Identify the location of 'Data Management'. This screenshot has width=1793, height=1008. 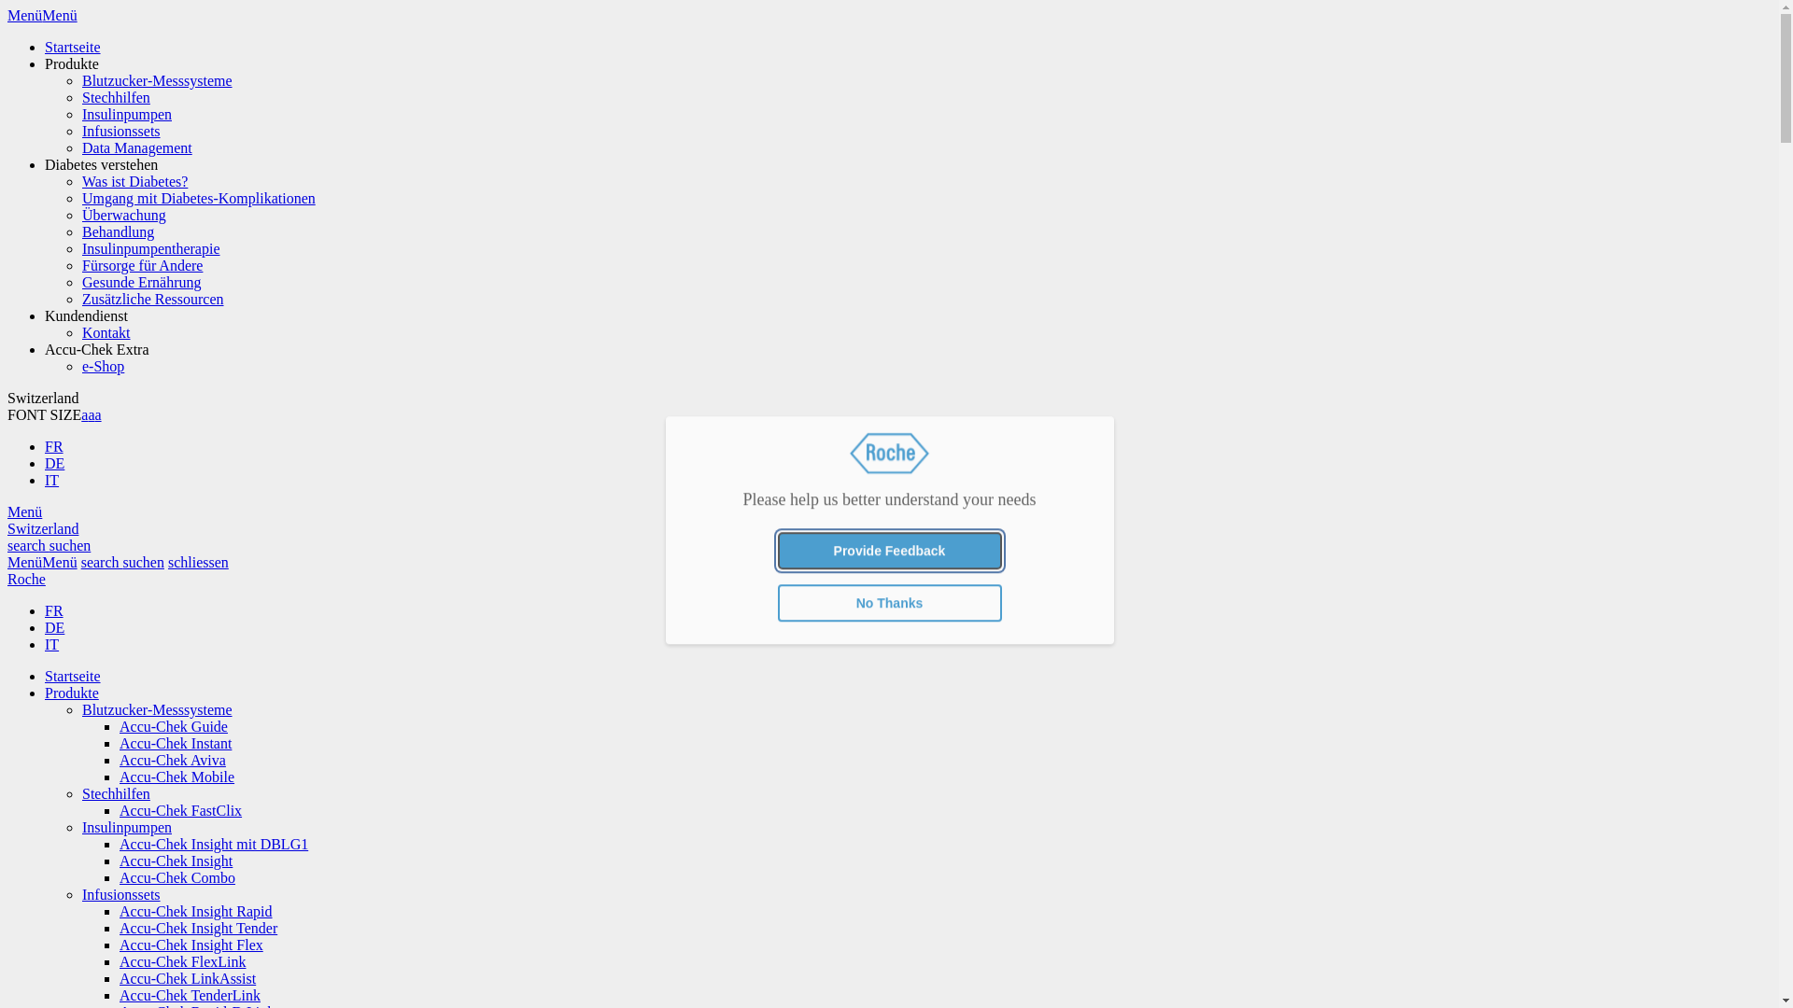
(80, 147).